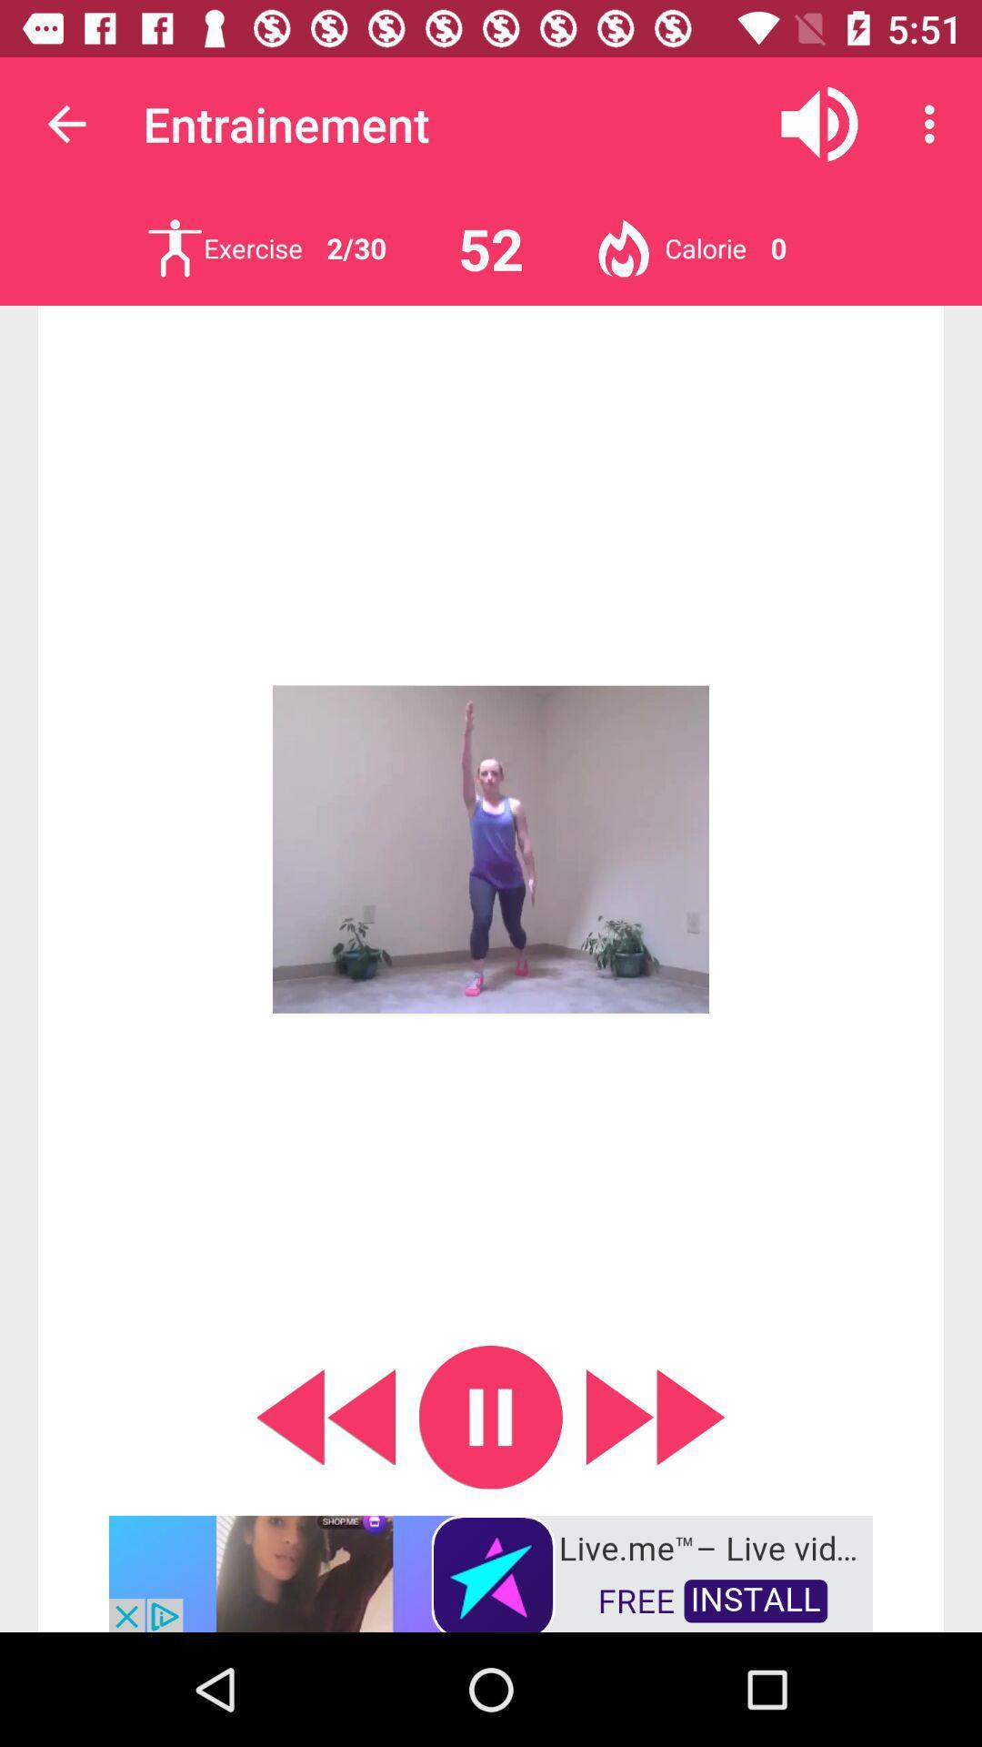 The image size is (982, 1747). What do you see at coordinates (491, 1416) in the screenshot?
I see `clica em pause` at bounding box center [491, 1416].